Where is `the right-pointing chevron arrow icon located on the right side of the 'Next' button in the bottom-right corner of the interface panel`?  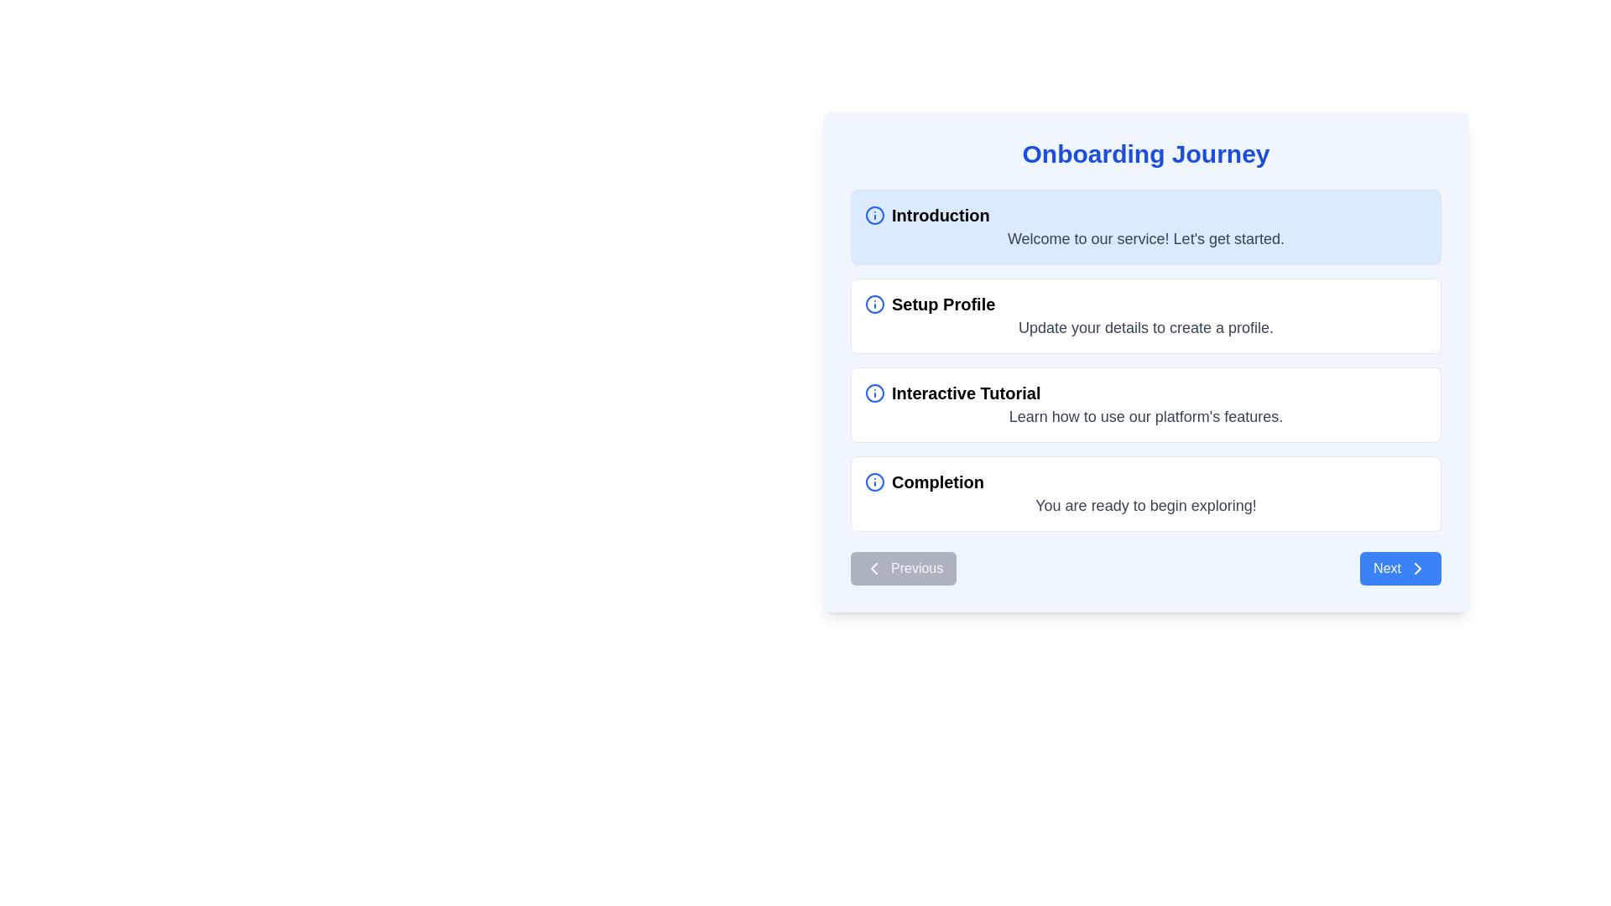
the right-pointing chevron arrow icon located on the right side of the 'Next' button in the bottom-right corner of the interface panel is located at coordinates (1416, 568).